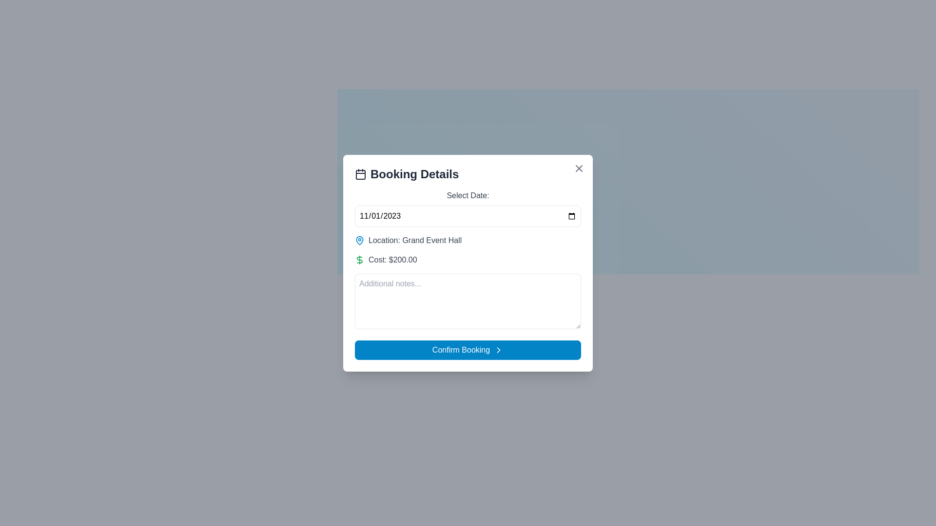 The width and height of the screenshot is (936, 526). Describe the element at coordinates (468, 240) in the screenshot. I see `the Information display element indicating 'Grand Event Hall' located in the 'Booking Details' panel, which is positioned below the 'Select Date' section and above the 'Cost' information` at that location.